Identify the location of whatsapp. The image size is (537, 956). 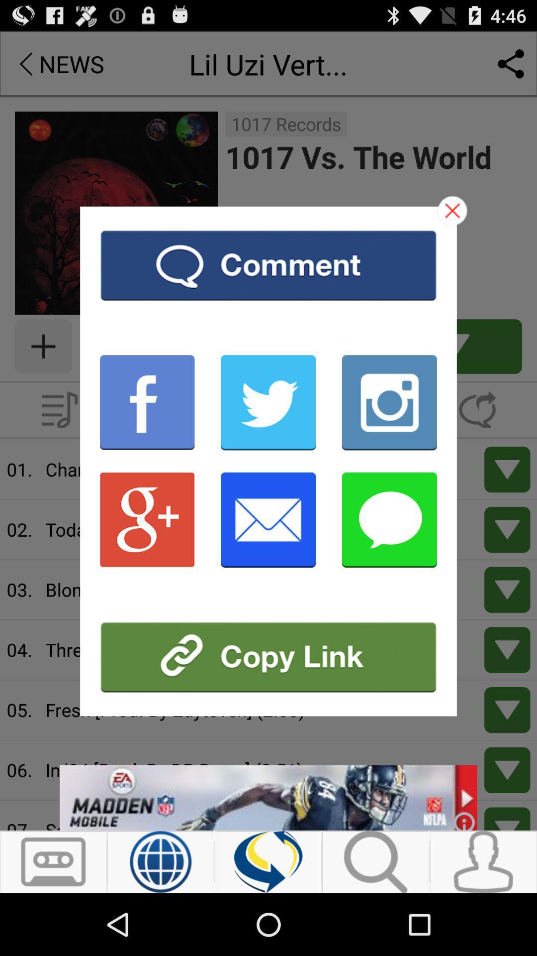
(389, 519).